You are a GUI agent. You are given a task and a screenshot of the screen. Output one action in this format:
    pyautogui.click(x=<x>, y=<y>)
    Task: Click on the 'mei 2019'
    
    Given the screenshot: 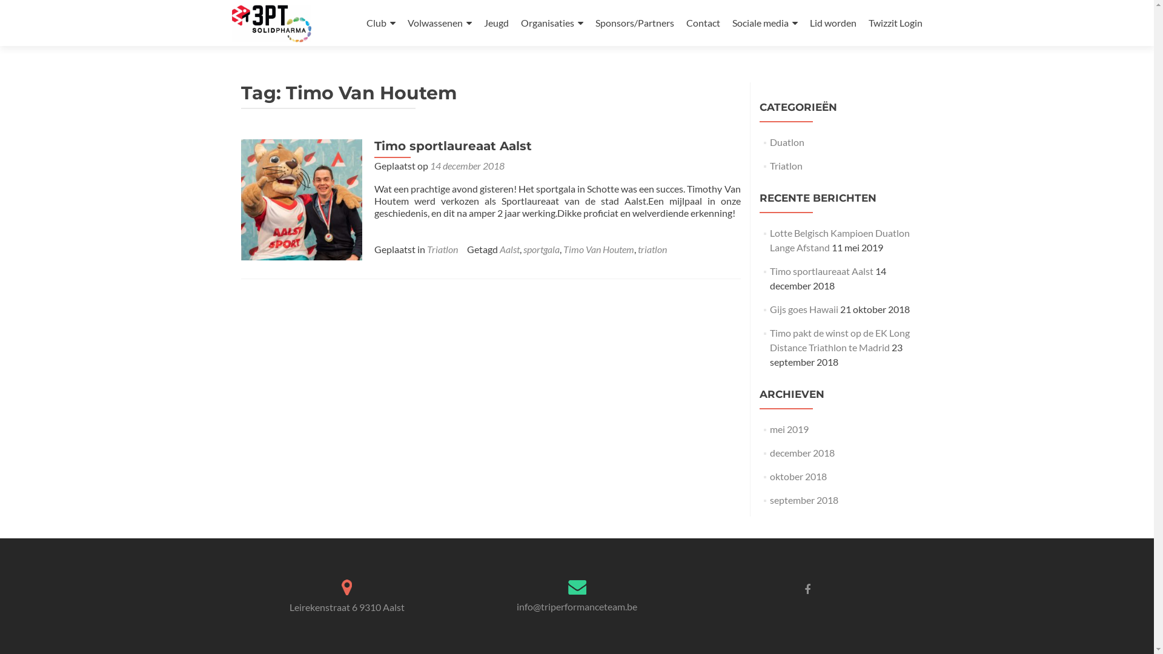 What is the action you would take?
    pyautogui.click(x=789, y=428)
    